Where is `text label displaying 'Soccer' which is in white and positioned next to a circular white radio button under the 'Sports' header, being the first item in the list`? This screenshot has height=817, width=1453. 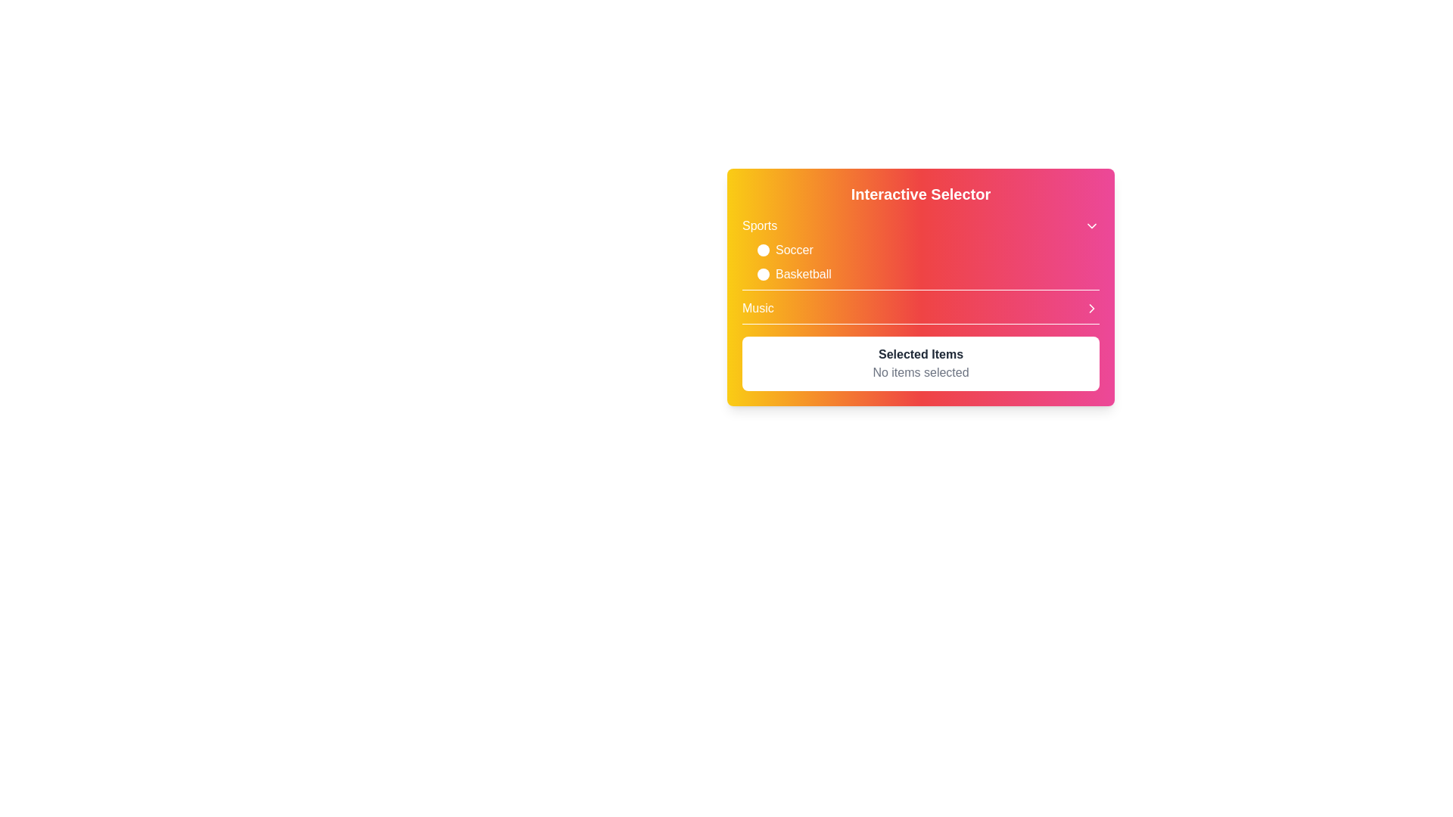 text label displaying 'Soccer' which is in white and positioned next to a circular white radio button under the 'Sports' header, being the first item in the list is located at coordinates (793, 250).